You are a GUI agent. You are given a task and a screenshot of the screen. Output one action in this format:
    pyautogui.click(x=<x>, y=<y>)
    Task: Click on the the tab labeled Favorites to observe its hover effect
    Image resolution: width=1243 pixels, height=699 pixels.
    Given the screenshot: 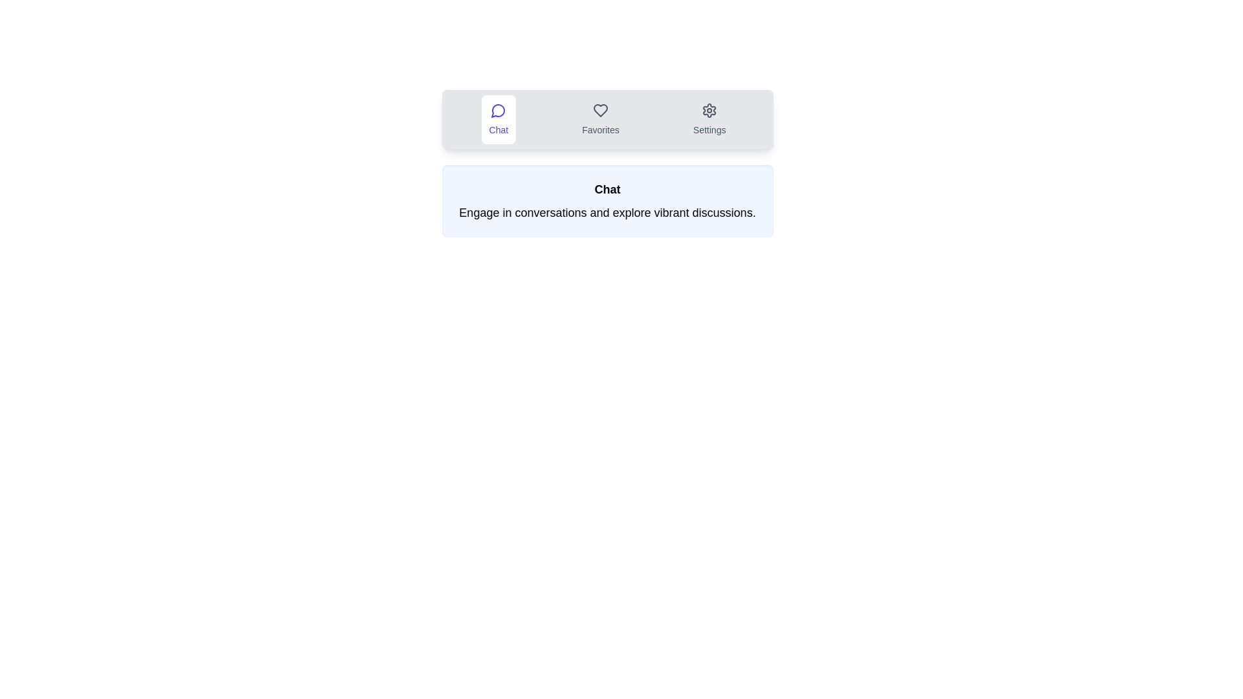 What is the action you would take?
    pyautogui.click(x=599, y=120)
    